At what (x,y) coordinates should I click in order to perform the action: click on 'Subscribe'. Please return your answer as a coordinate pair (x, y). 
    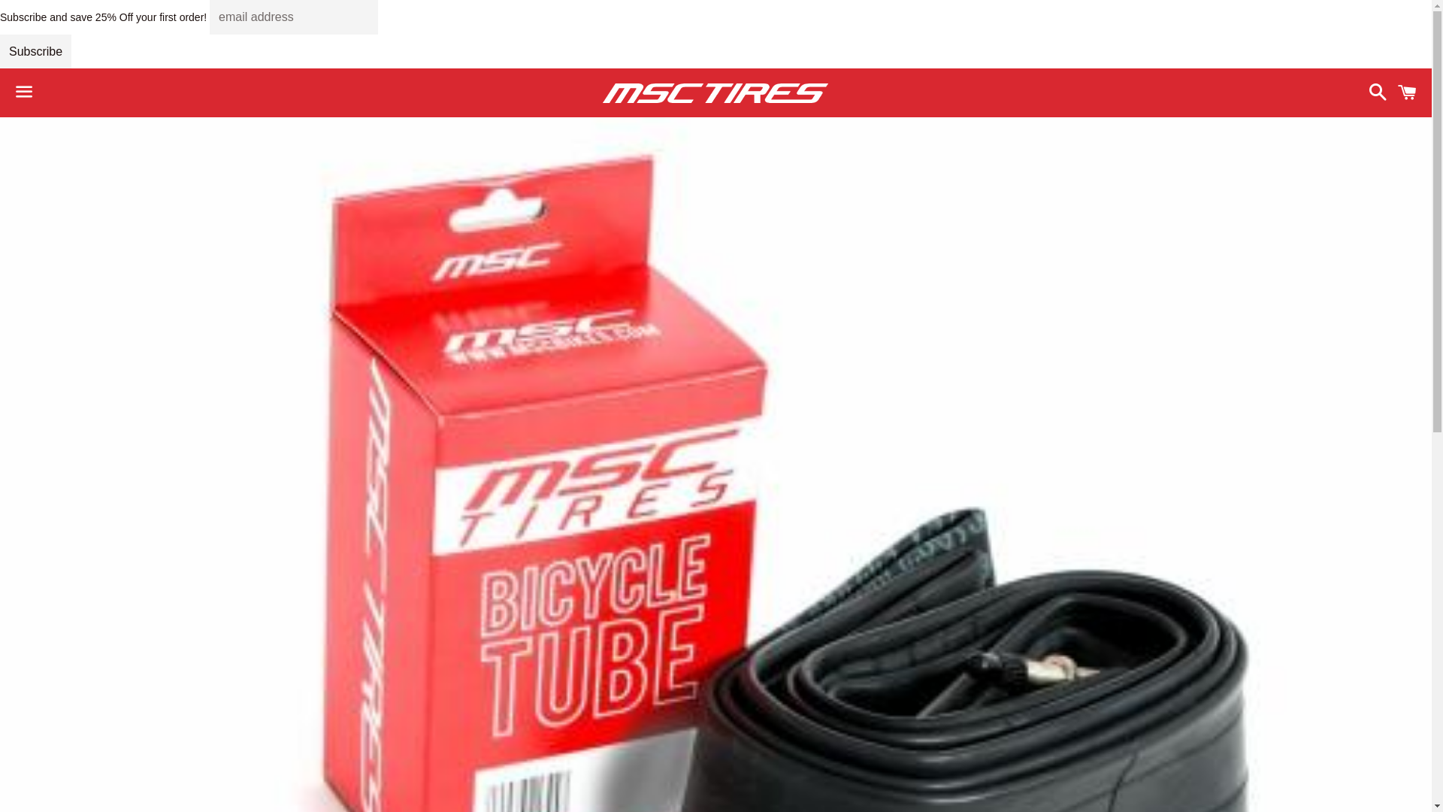
    Looking at the image, I should click on (35, 51).